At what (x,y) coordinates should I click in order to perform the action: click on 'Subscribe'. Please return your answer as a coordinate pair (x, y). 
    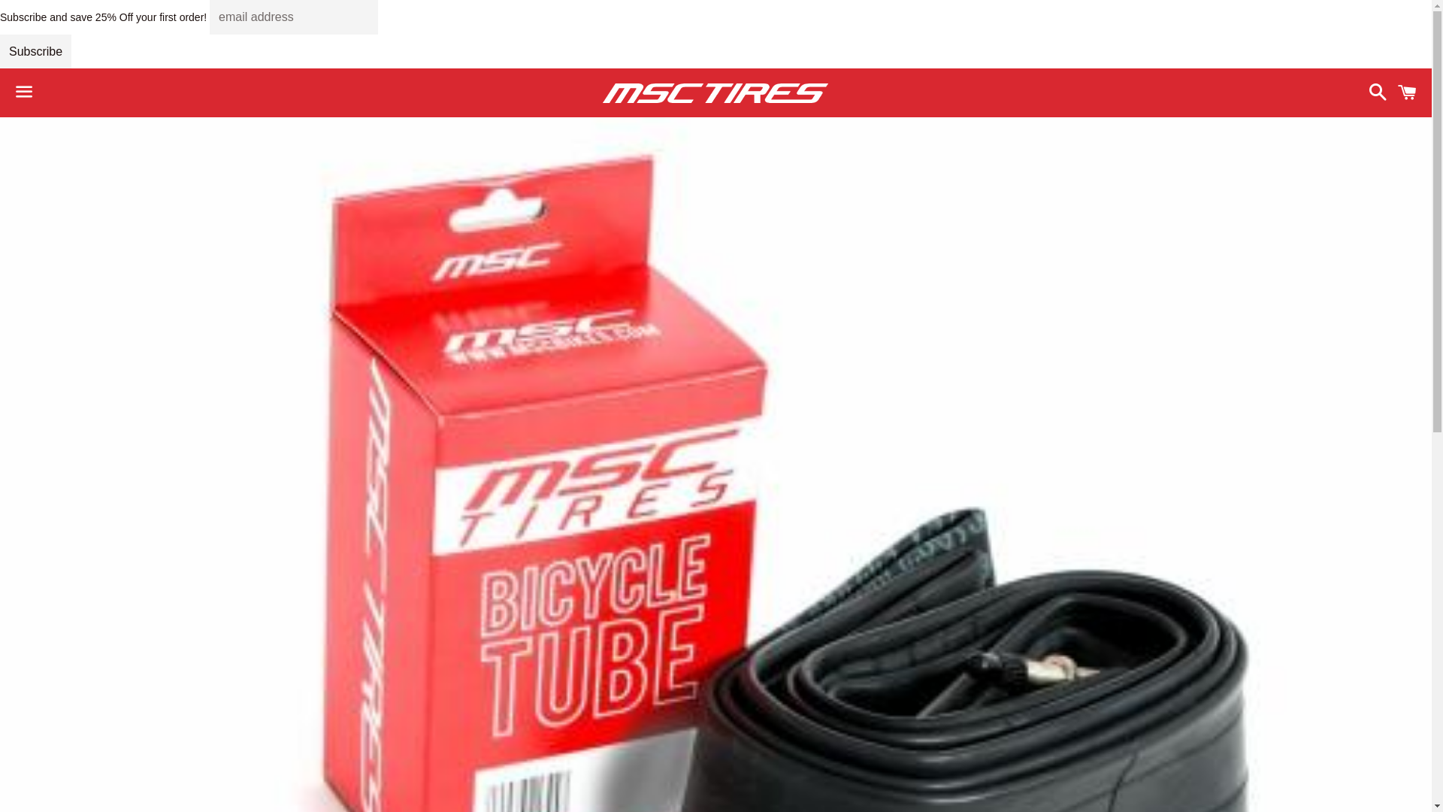
    Looking at the image, I should click on (35, 51).